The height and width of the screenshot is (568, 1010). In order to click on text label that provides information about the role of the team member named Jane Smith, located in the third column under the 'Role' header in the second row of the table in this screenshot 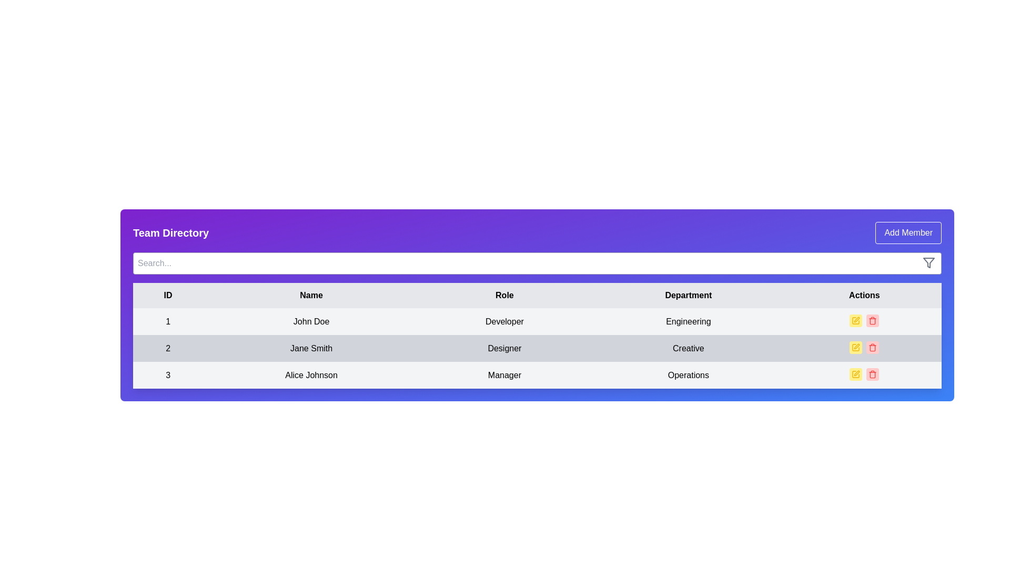, I will do `click(504, 348)`.